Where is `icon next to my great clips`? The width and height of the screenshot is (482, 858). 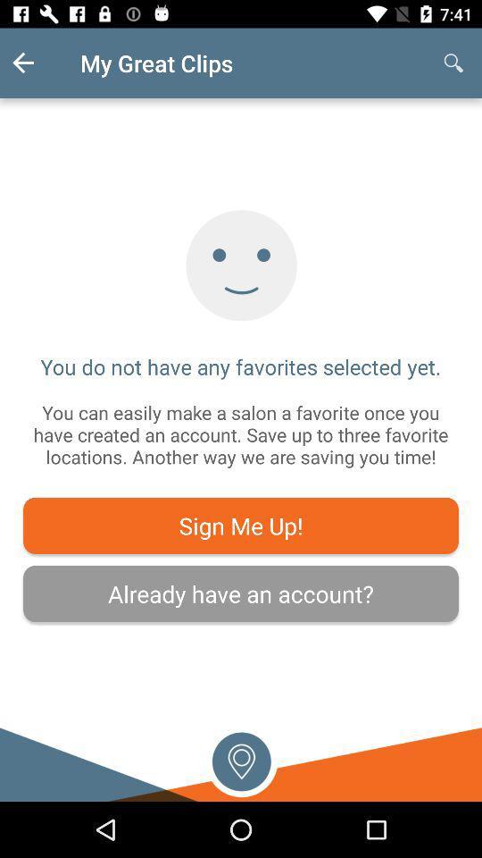
icon next to my great clips is located at coordinates (37, 63).